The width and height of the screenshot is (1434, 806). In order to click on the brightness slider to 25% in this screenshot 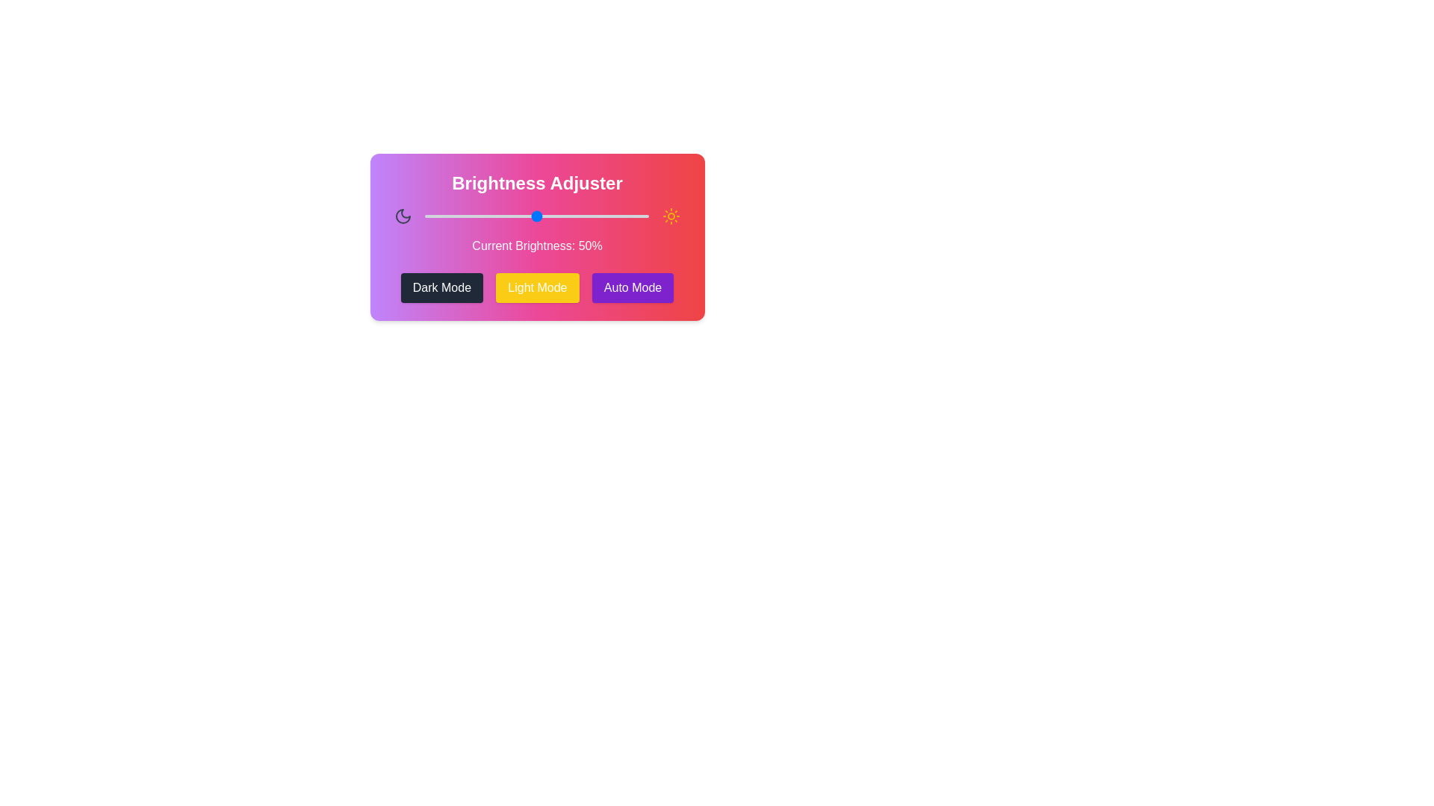, I will do `click(480, 216)`.